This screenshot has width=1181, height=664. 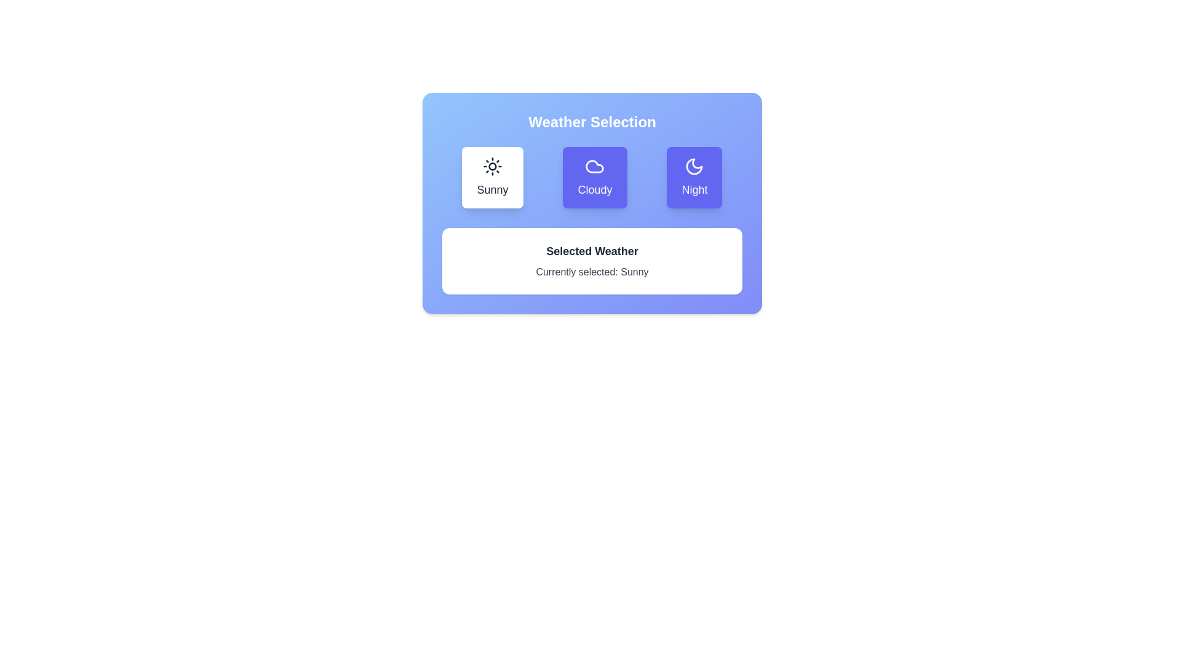 I want to click on the 'Sunny' weather selection button, so click(x=493, y=178).